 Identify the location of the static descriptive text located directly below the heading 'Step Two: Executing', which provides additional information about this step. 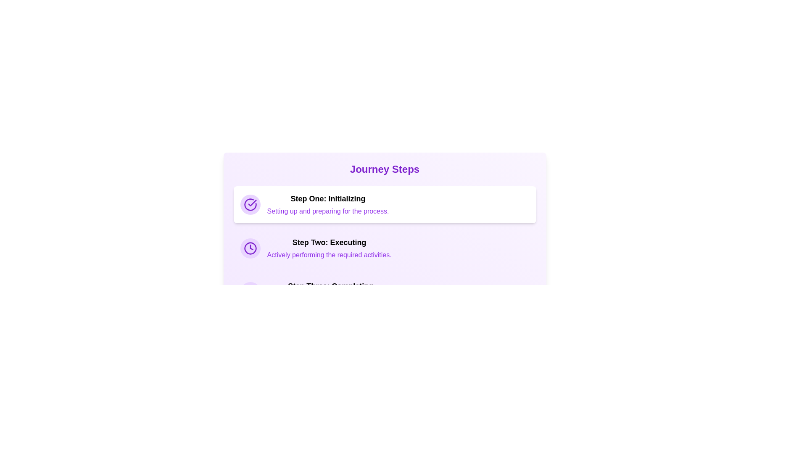
(329, 254).